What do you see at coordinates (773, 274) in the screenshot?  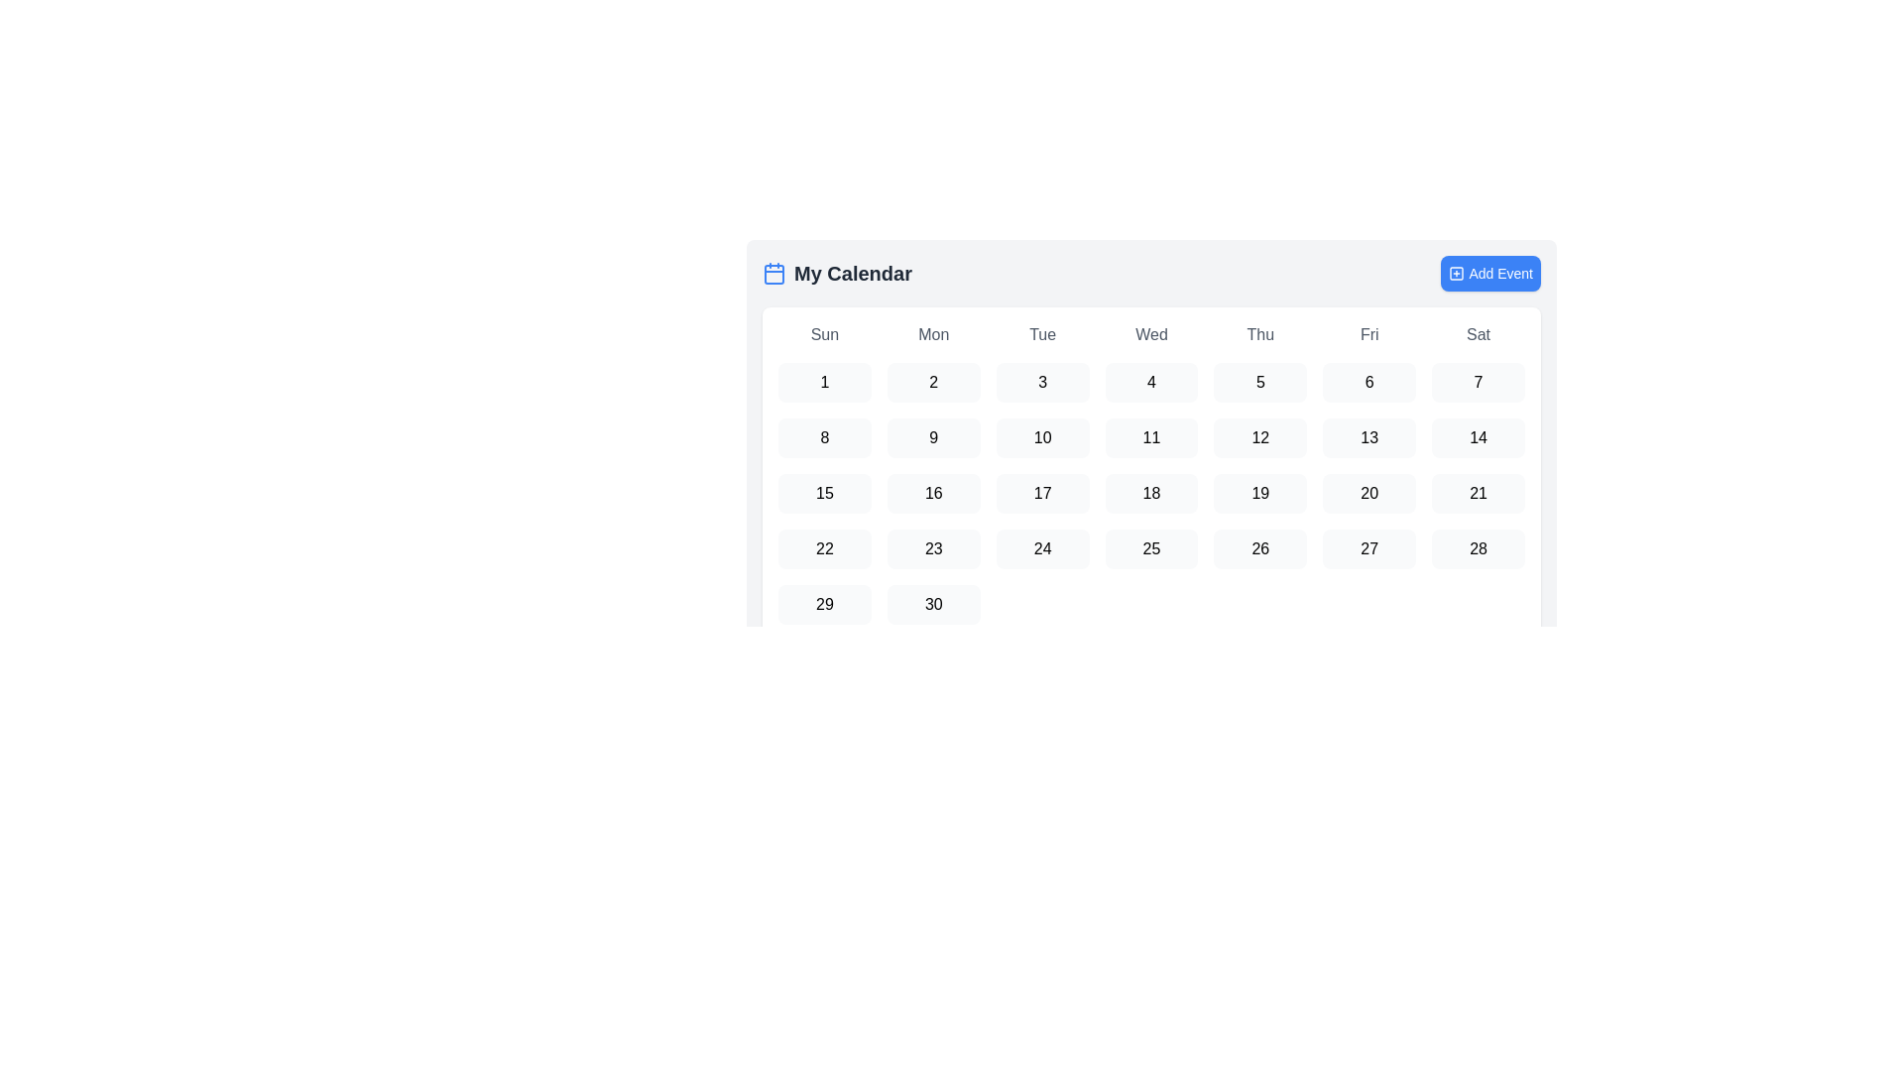 I see `the blue calendar icon located to the left of the 'My Calendar' text in the top header bar of the calendar interface` at bounding box center [773, 274].